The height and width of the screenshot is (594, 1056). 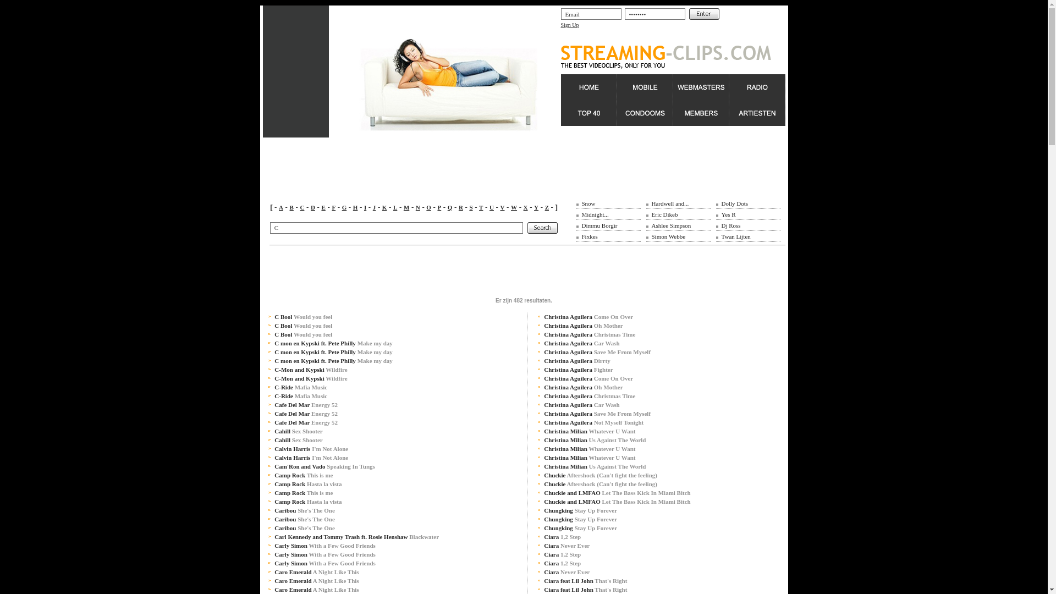 I want to click on 'Q', so click(x=448, y=207).